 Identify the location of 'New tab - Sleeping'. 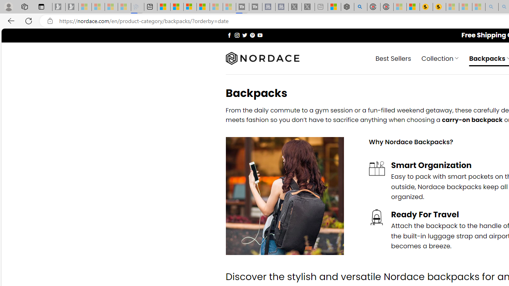
(321, 7).